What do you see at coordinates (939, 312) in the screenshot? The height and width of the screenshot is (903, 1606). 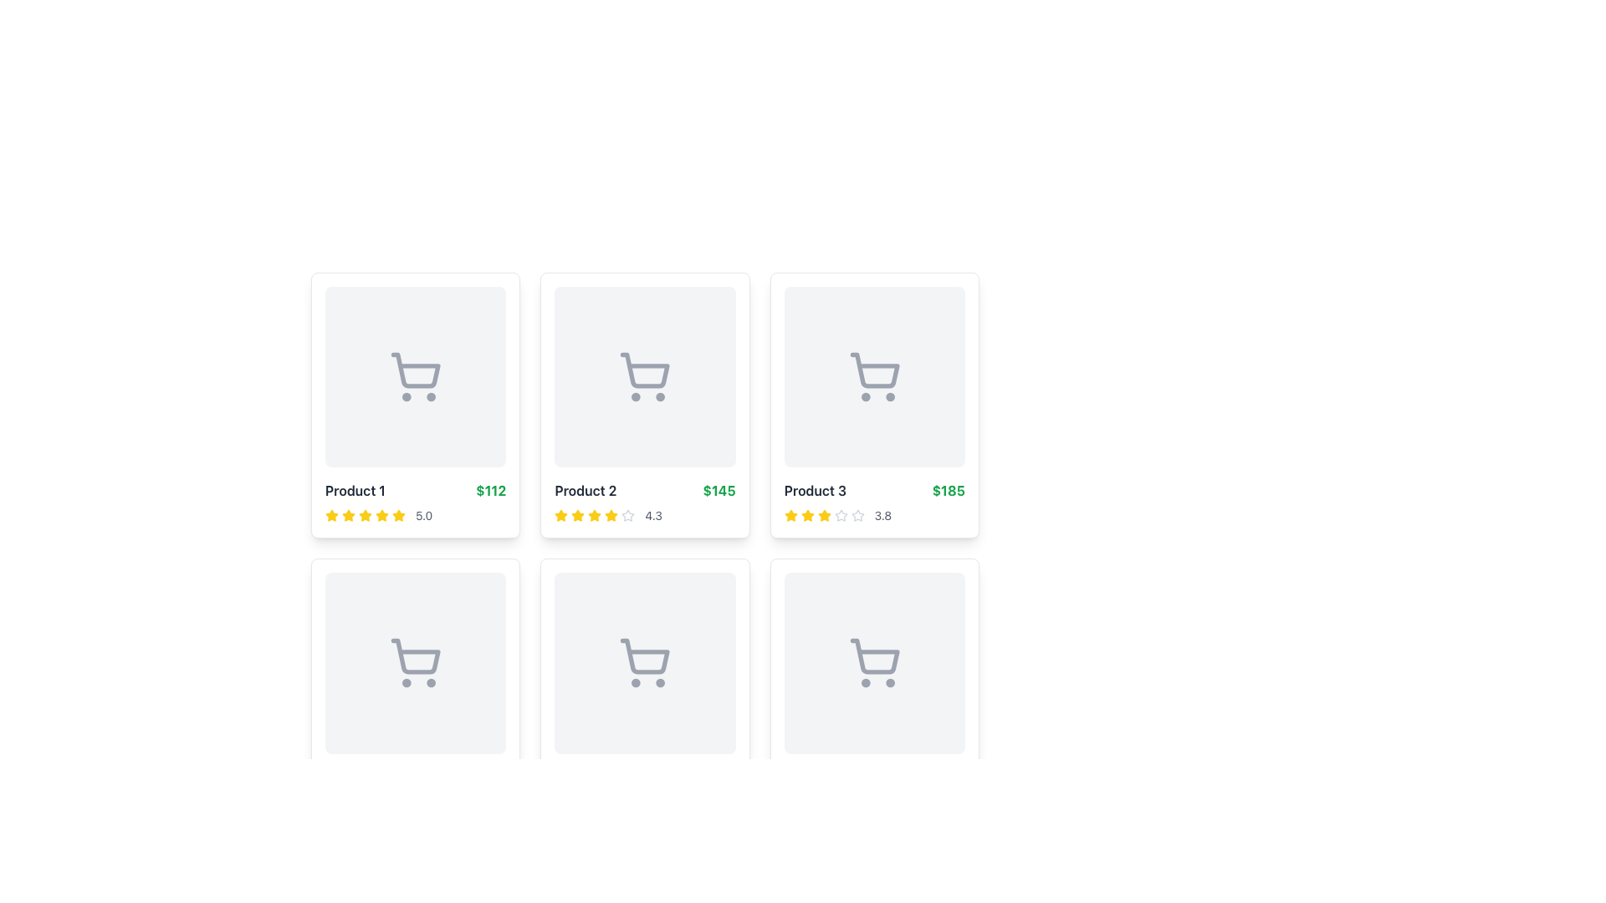 I see `the 'like' button located at the topmost and rightmost position within the card for 'Product 3' to mark the item as a favorite` at bounding box center [939, 312].